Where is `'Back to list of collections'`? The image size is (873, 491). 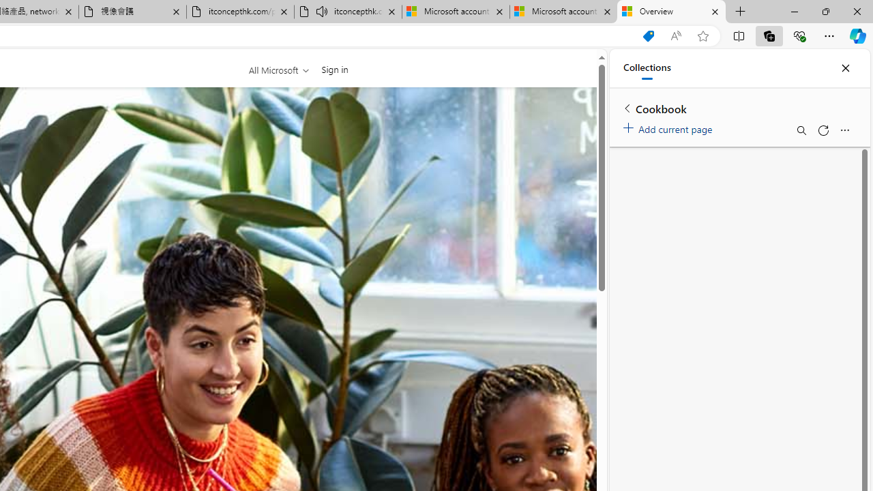
'Back to list of collections' is located at coordinates (627, 108).